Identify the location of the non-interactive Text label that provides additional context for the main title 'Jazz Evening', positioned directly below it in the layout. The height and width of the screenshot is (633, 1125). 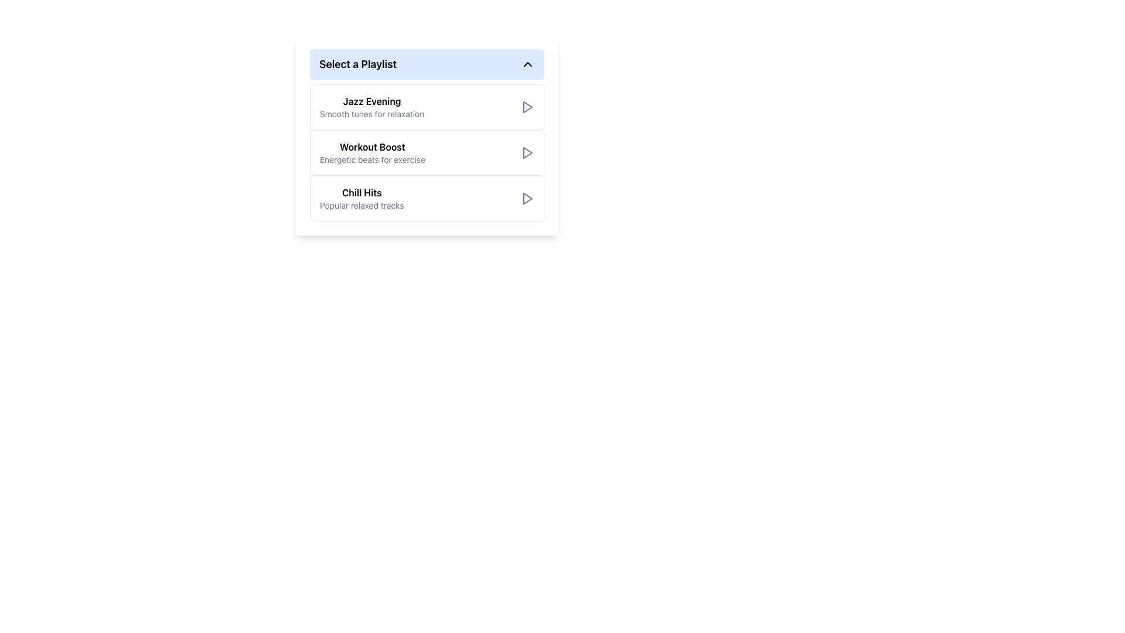
(371, 114).